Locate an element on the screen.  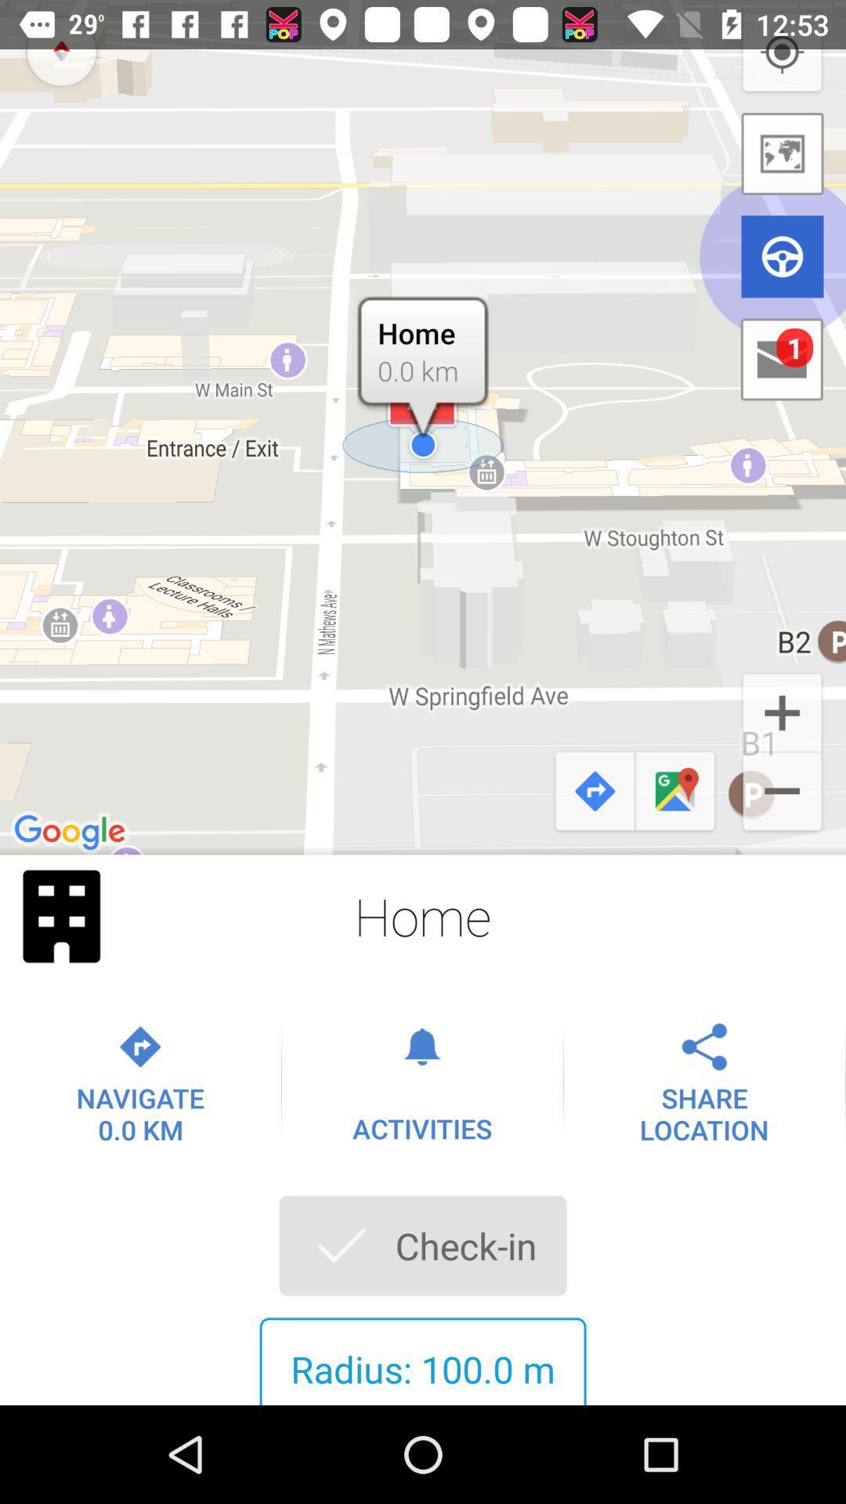
the explore icon is located at coordinates (60, 51).